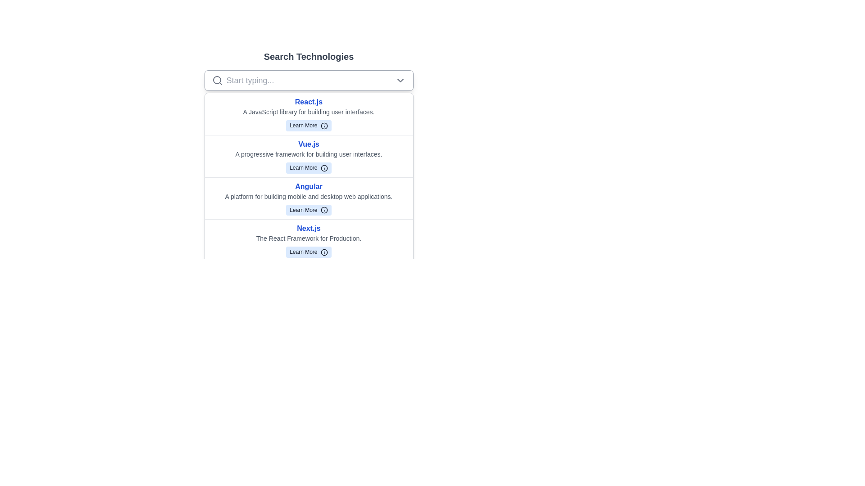 Image resolution: width=865 pixels, height=486 pixels. What do you see at coordinates (324, 168) in the screenshot?
I see `the appearance of the circular SVG graphical element located to the right of the 'Learn More' button associated with the 'Vue.js' entry` at bounding box center [324, 168].